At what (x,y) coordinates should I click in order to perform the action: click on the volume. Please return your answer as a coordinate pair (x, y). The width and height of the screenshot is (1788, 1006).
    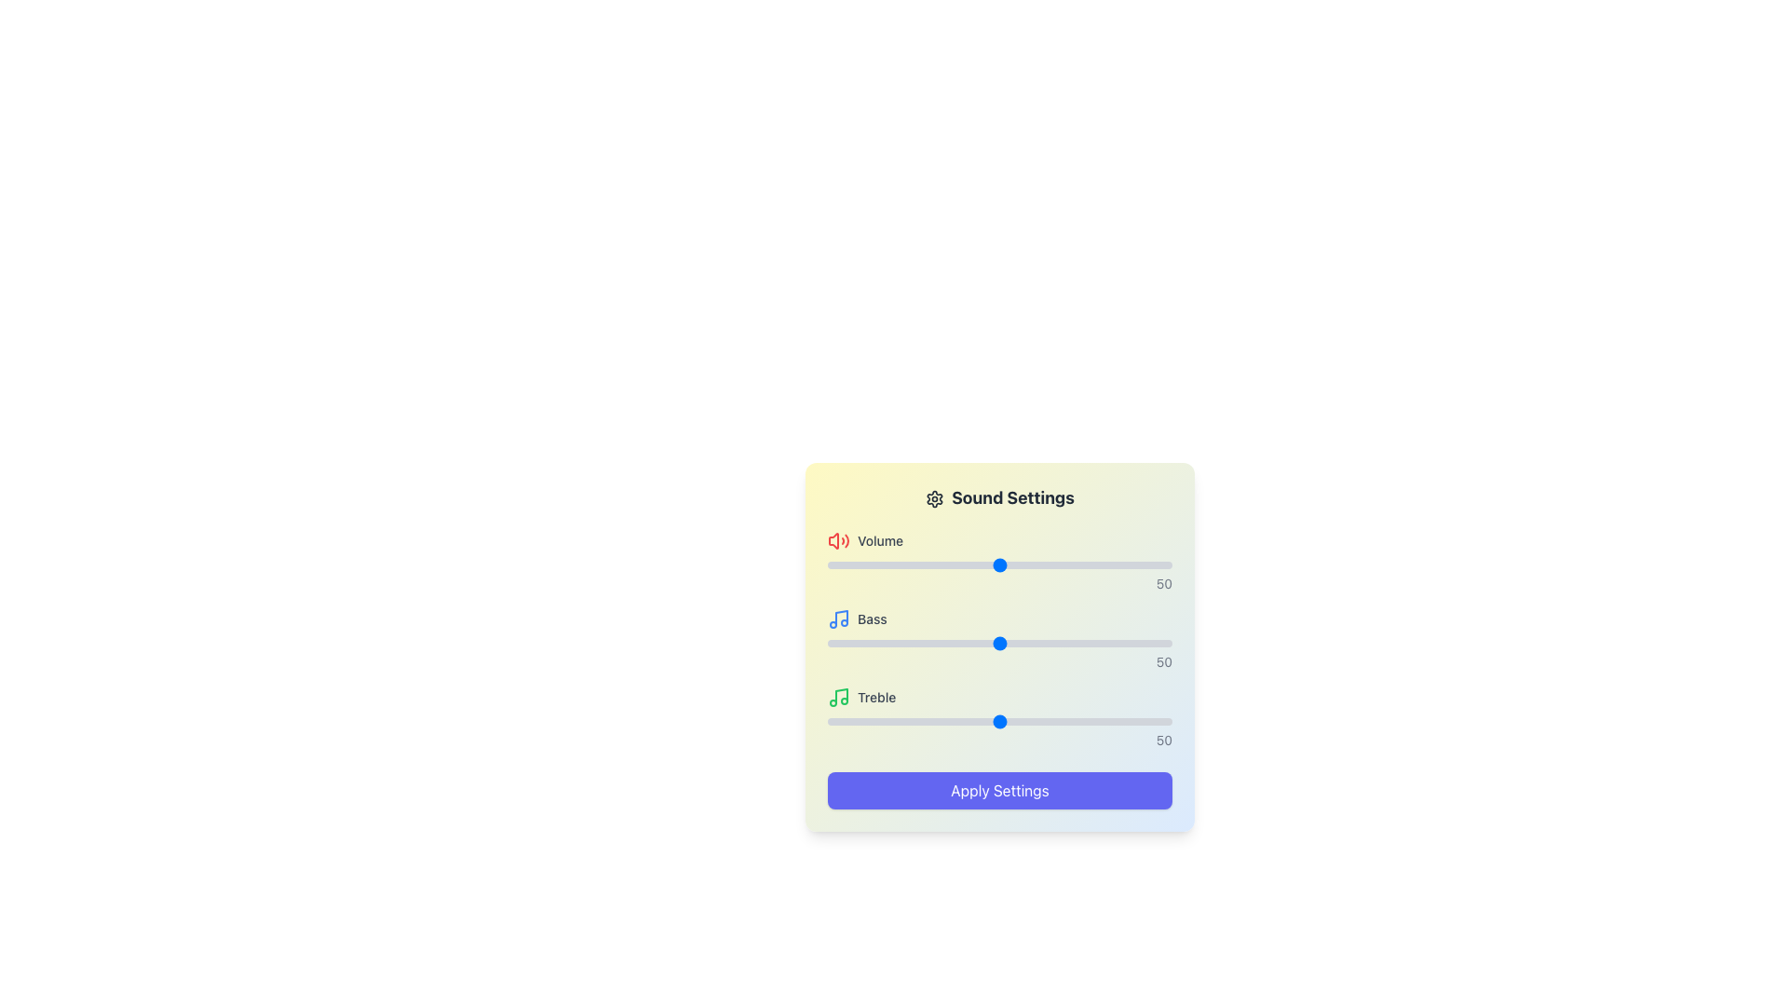
    Looking at the image, I should click on (955, 564).